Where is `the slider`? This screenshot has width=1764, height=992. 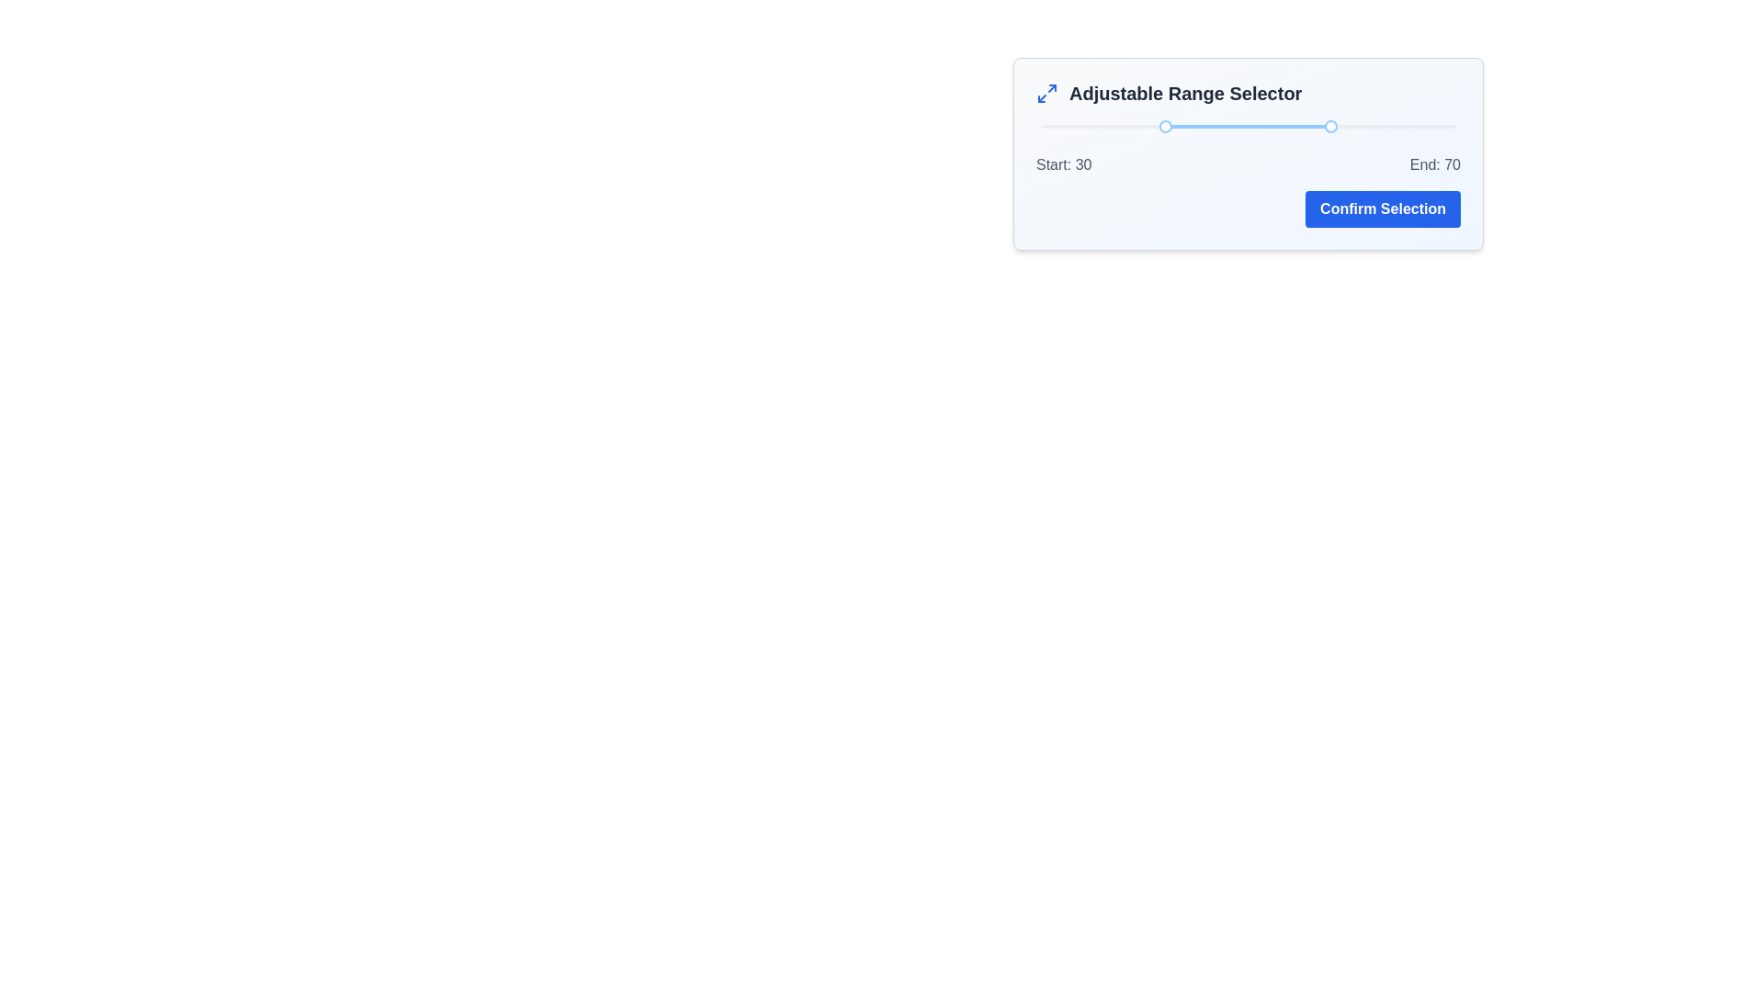
the slider is located at coordinates (1359, 126).